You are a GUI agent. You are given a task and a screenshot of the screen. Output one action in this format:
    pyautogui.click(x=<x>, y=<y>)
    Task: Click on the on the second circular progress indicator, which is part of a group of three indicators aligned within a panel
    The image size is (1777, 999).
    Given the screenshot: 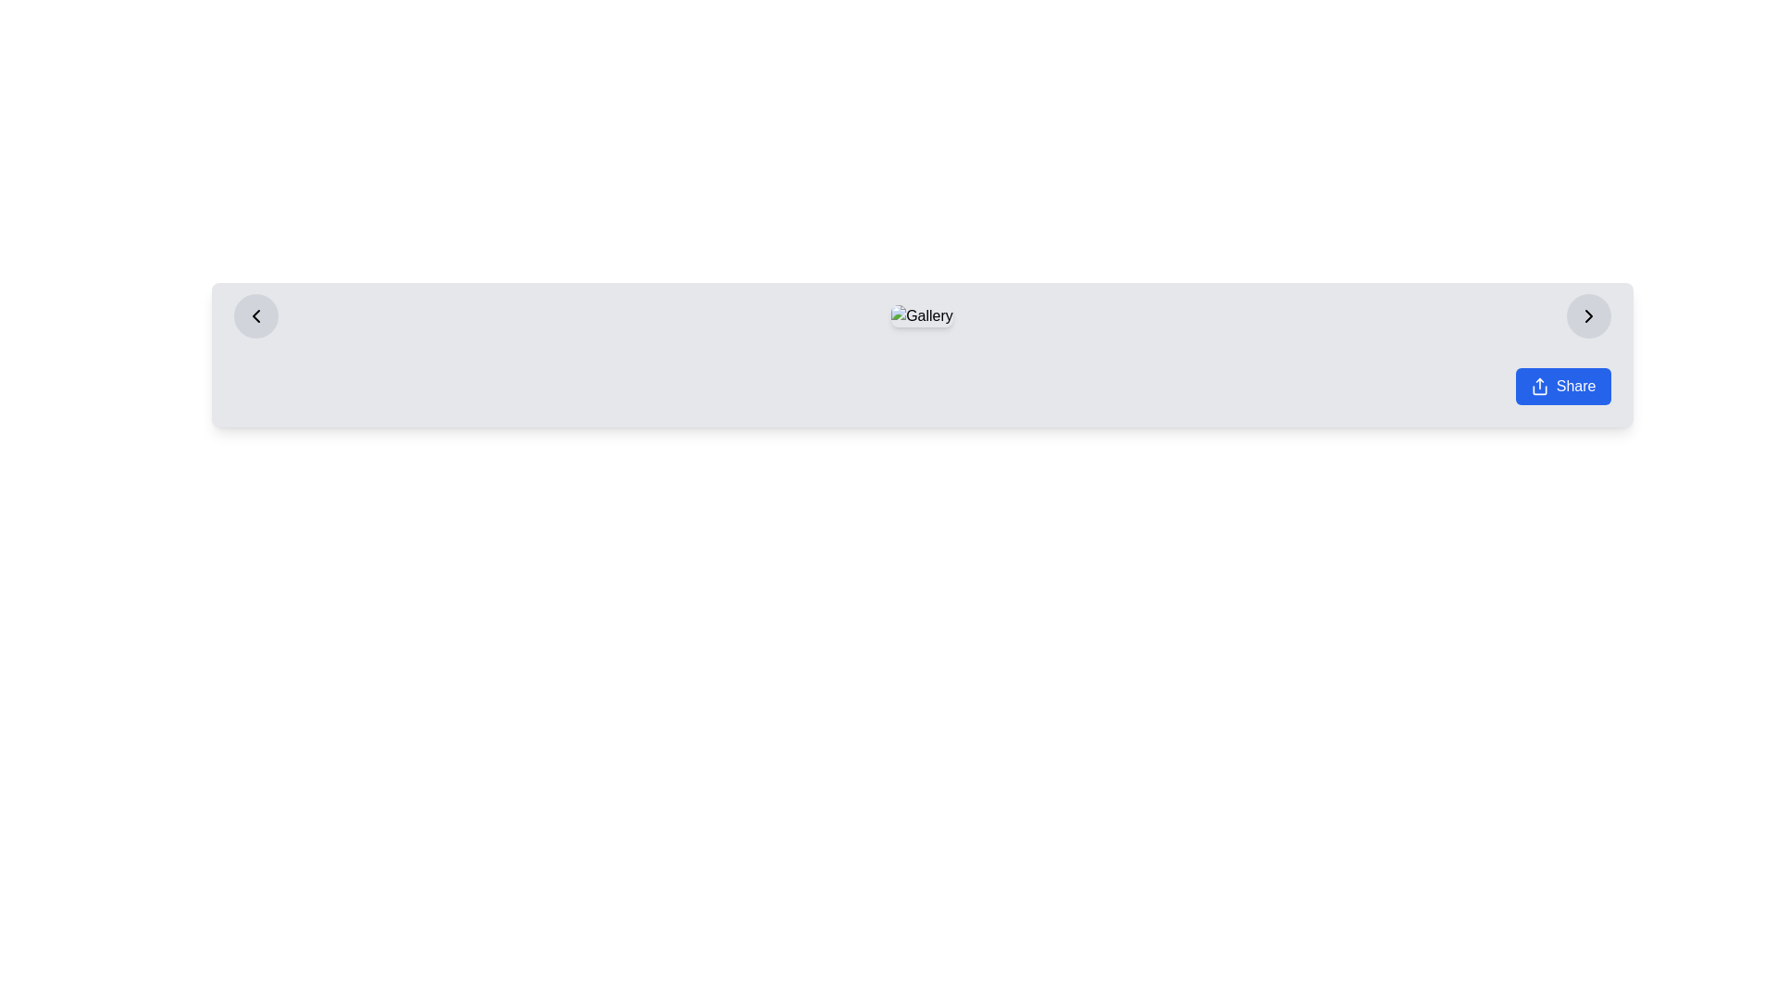 What is the action you would take?
    pyautogui.click(x=922, y=347)
    